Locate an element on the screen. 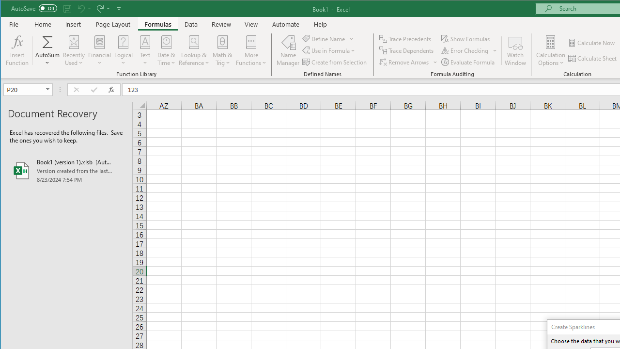 This screenshot has height=349, width=620. 'Create from Selection...' is located at coordinates (335, 62).